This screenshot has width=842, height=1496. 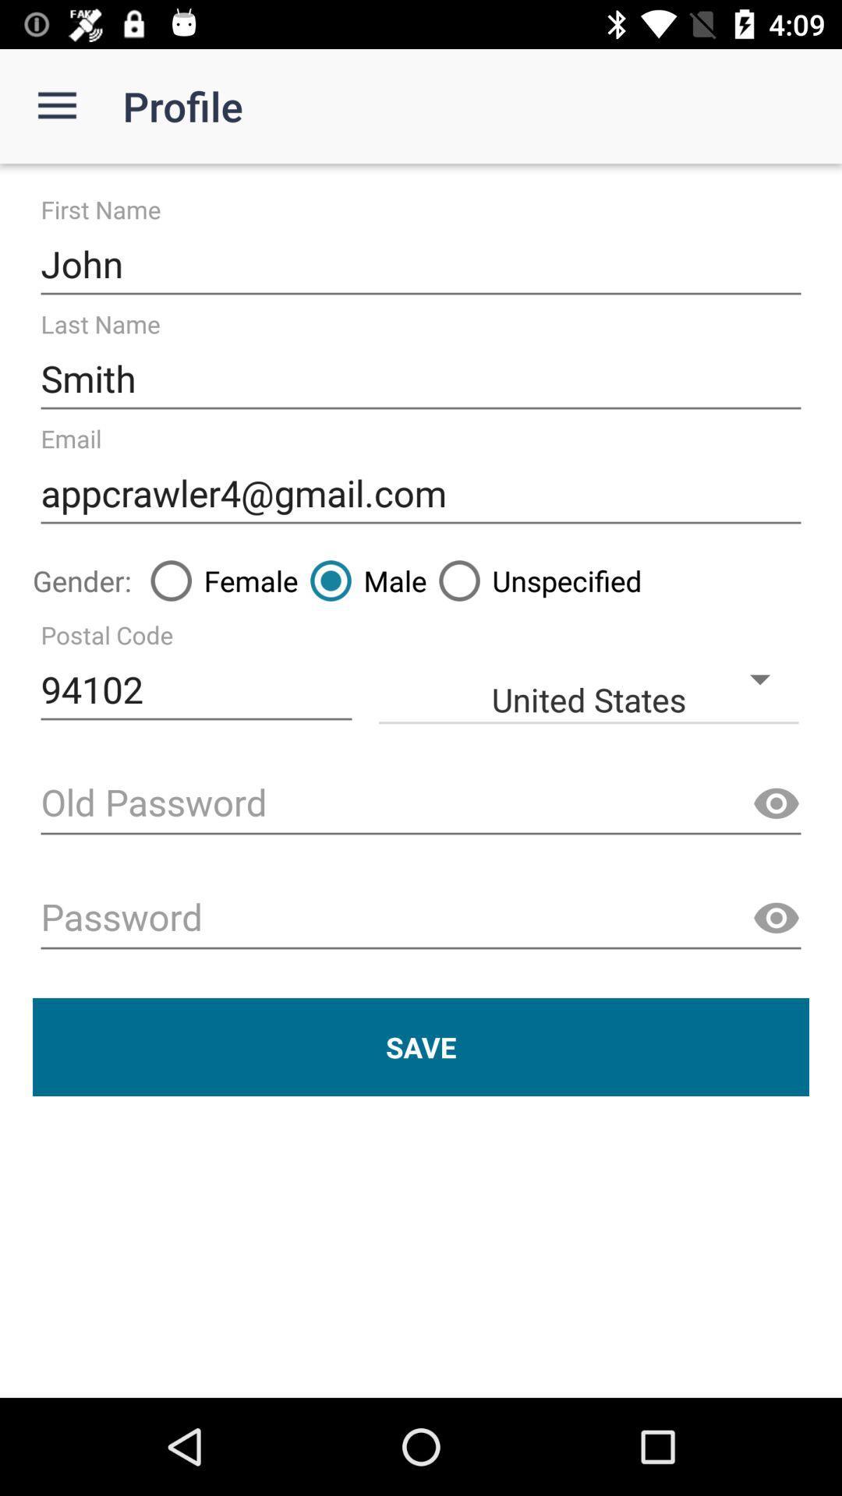 What do you see at coordinates (421, 919) in the screenshot?
I see `password` at bounding box center [421, 919].